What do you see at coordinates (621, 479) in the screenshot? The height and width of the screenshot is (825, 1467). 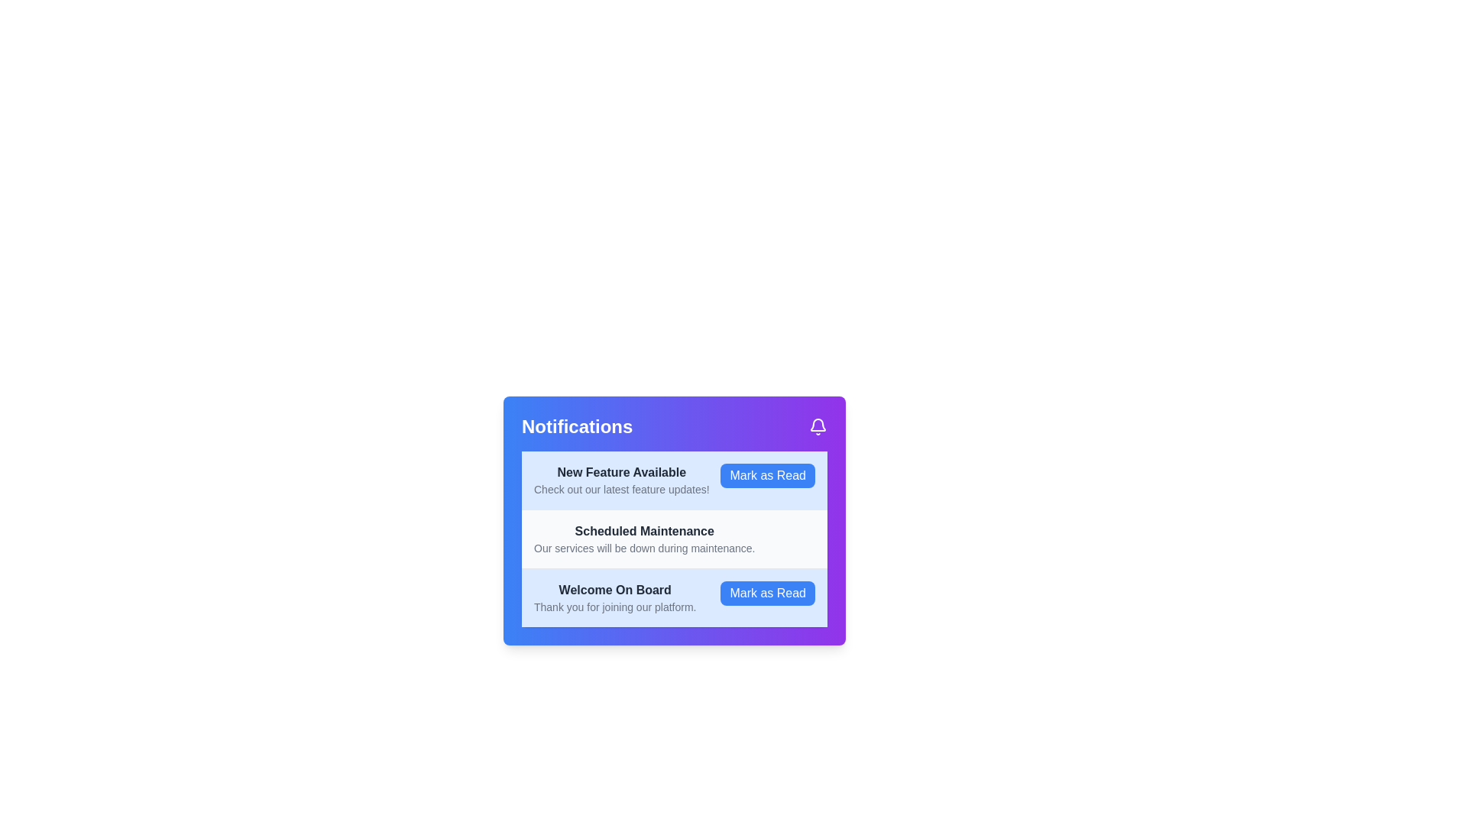 I see `the Text Content element that notifies the user about a new feature, positioned to the left of the 'Mark as Read' button and above the 'Scheduled Maintenance' notification` at bounding box center [621, 479].